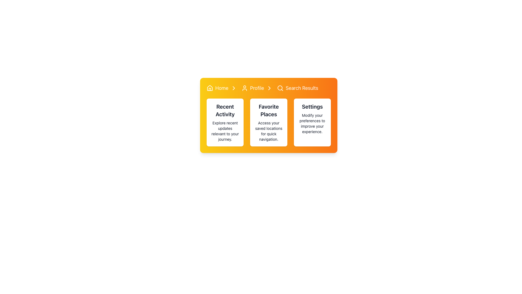  Describe the element at coordinates (280, 88) in the screenshot. I see `the search icon located to the left of the 'Search Results' text in the top-right section of the interface` at that location.